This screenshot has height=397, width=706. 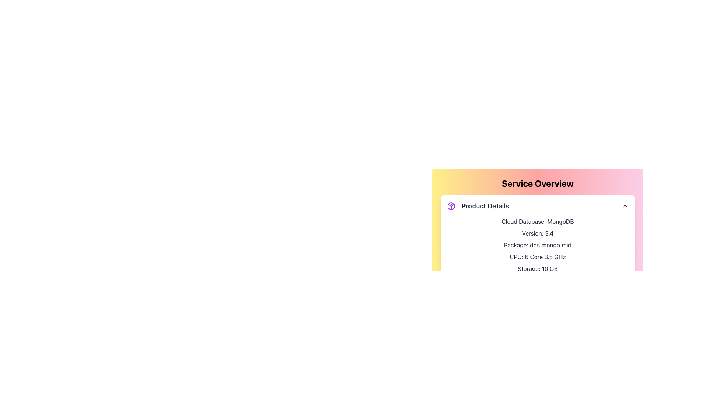 What do you see at coordinates (538, 256) in the screenshot?
I see `CPU specifications displayed as 'CPU: 6 Core 3.5 GHz' in the 'Product Details' section under 'Service Overview'` at bounding box center [538, 256].